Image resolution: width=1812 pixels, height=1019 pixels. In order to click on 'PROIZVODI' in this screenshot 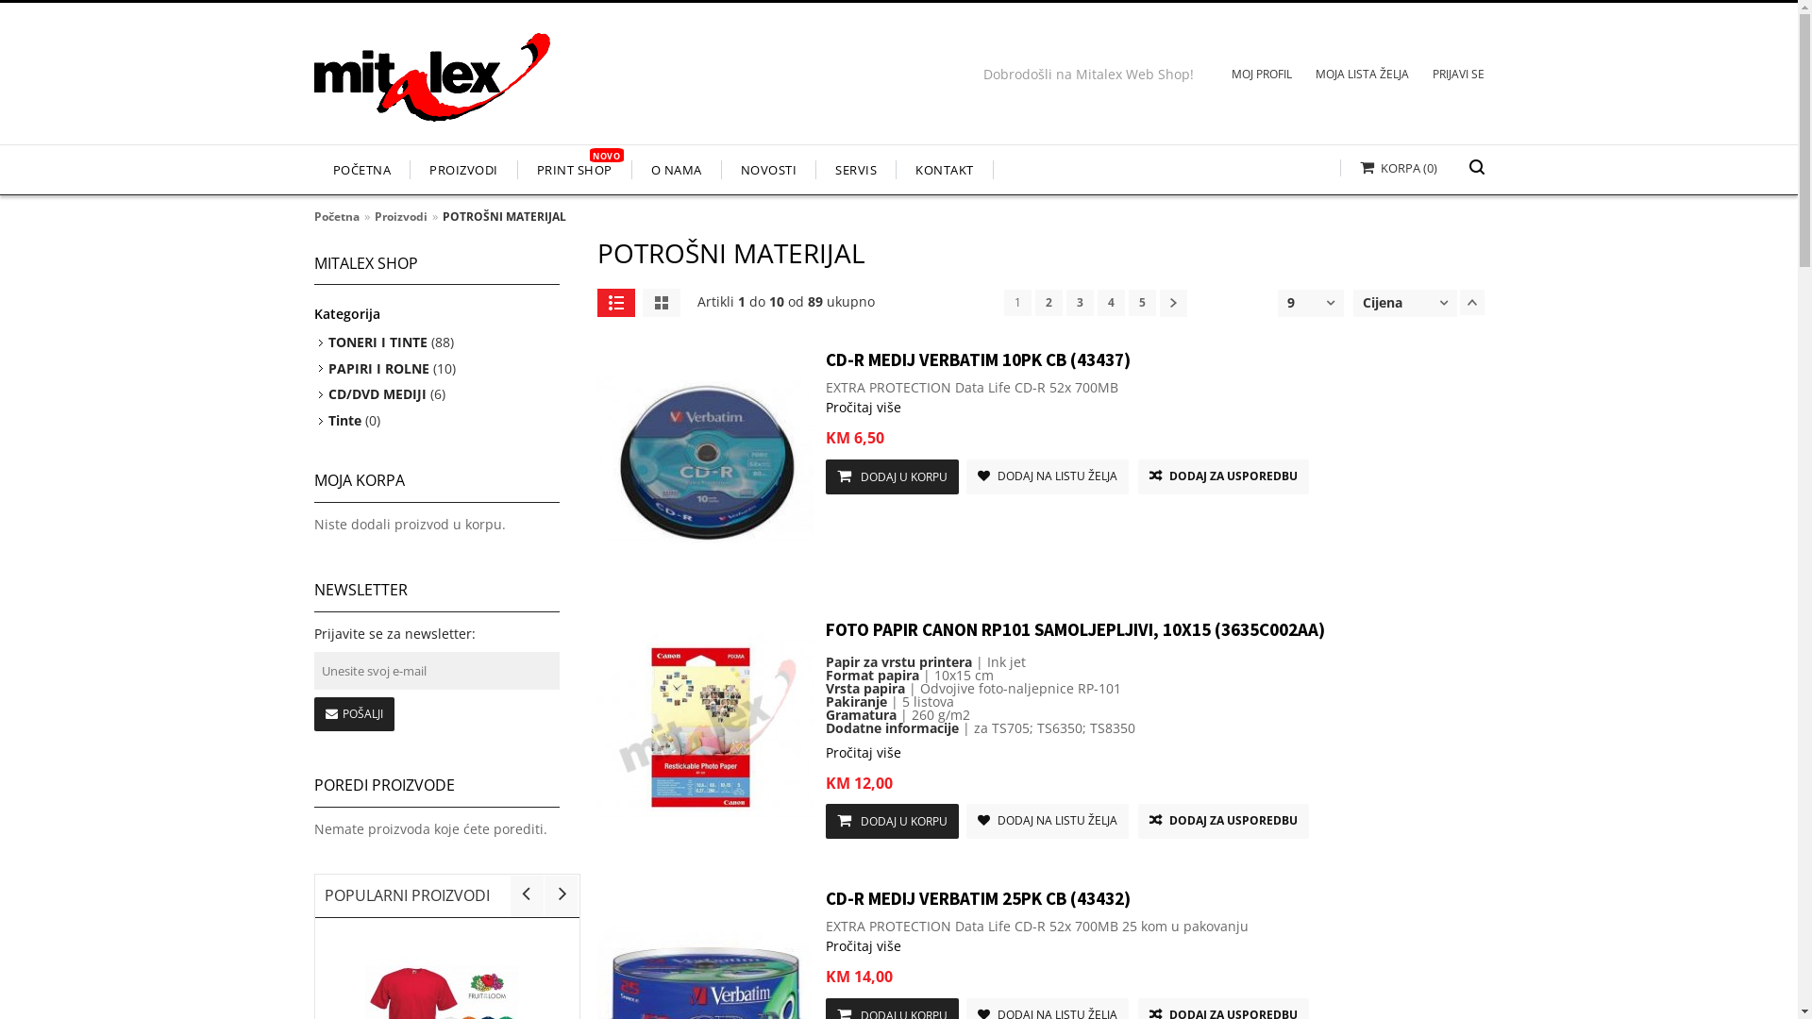, I will do `click(463, 170)`.